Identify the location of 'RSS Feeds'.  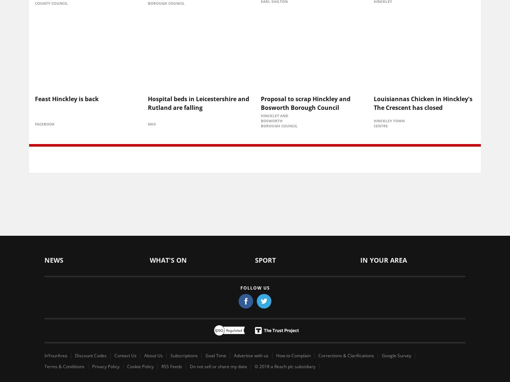
(172, 366).